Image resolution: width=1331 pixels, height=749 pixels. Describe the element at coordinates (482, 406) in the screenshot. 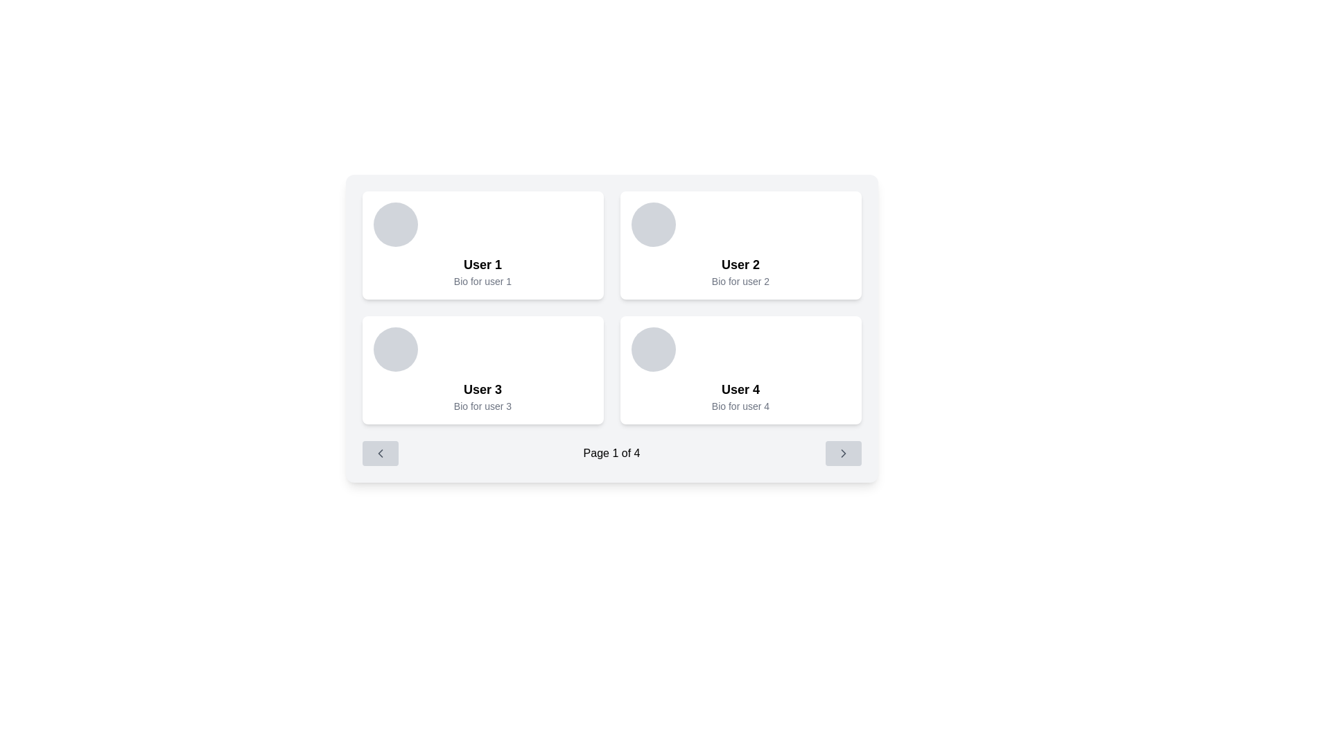

I see `the text label displaying supplementary information for 'User 3', which is located within the user profile card, below the username and above the bottom boundary of the card` at that location.